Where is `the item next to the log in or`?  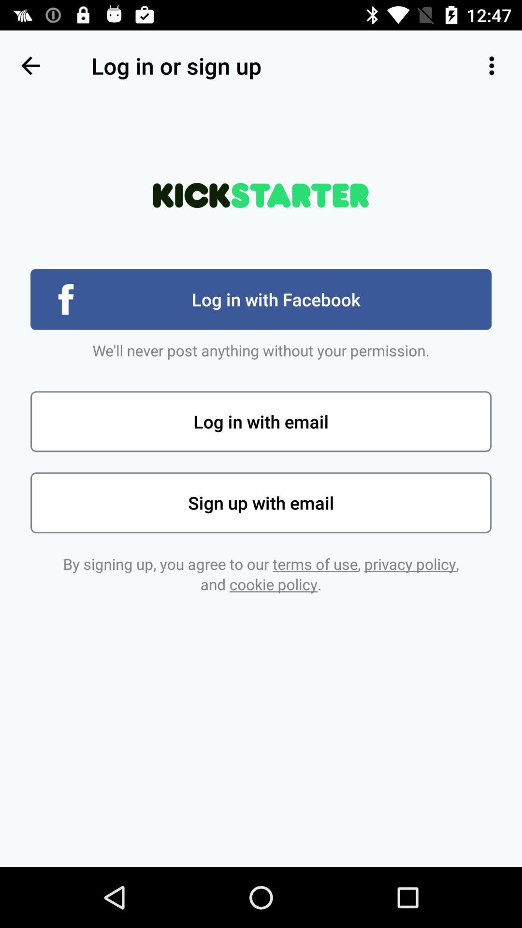
the item next to the log in or is located at coordinates (29, 65).